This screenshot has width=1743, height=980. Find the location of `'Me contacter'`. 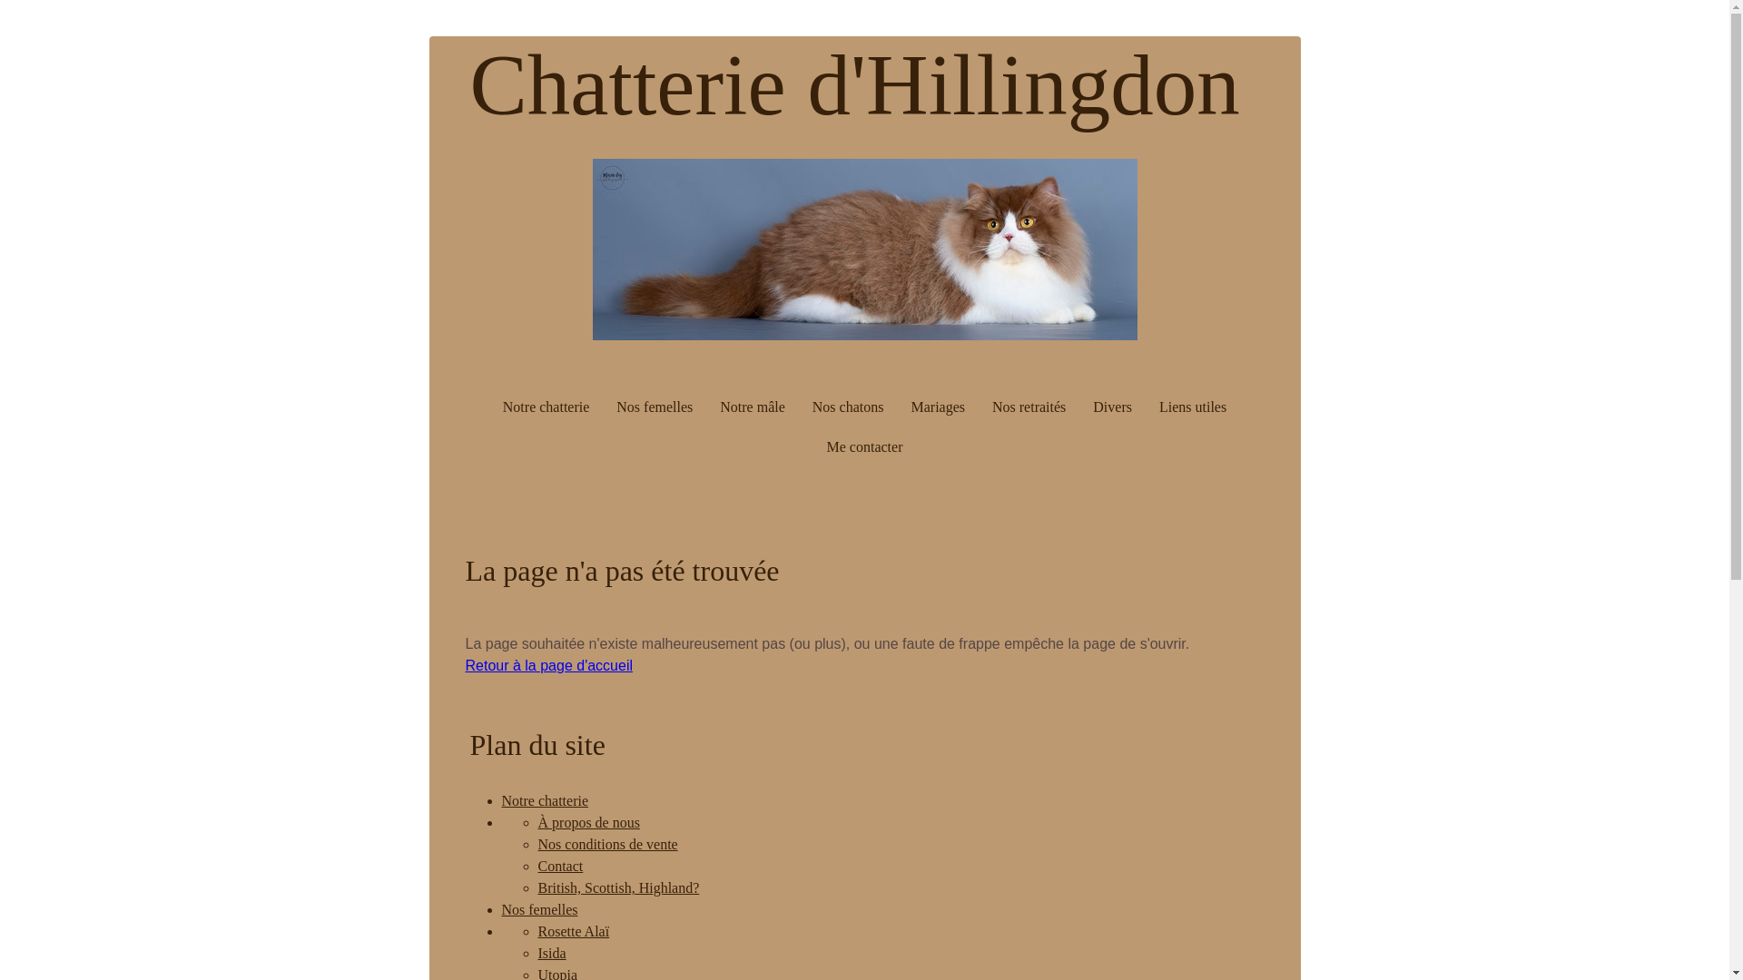

'Me contacter' is located at coordinates (864, 447).